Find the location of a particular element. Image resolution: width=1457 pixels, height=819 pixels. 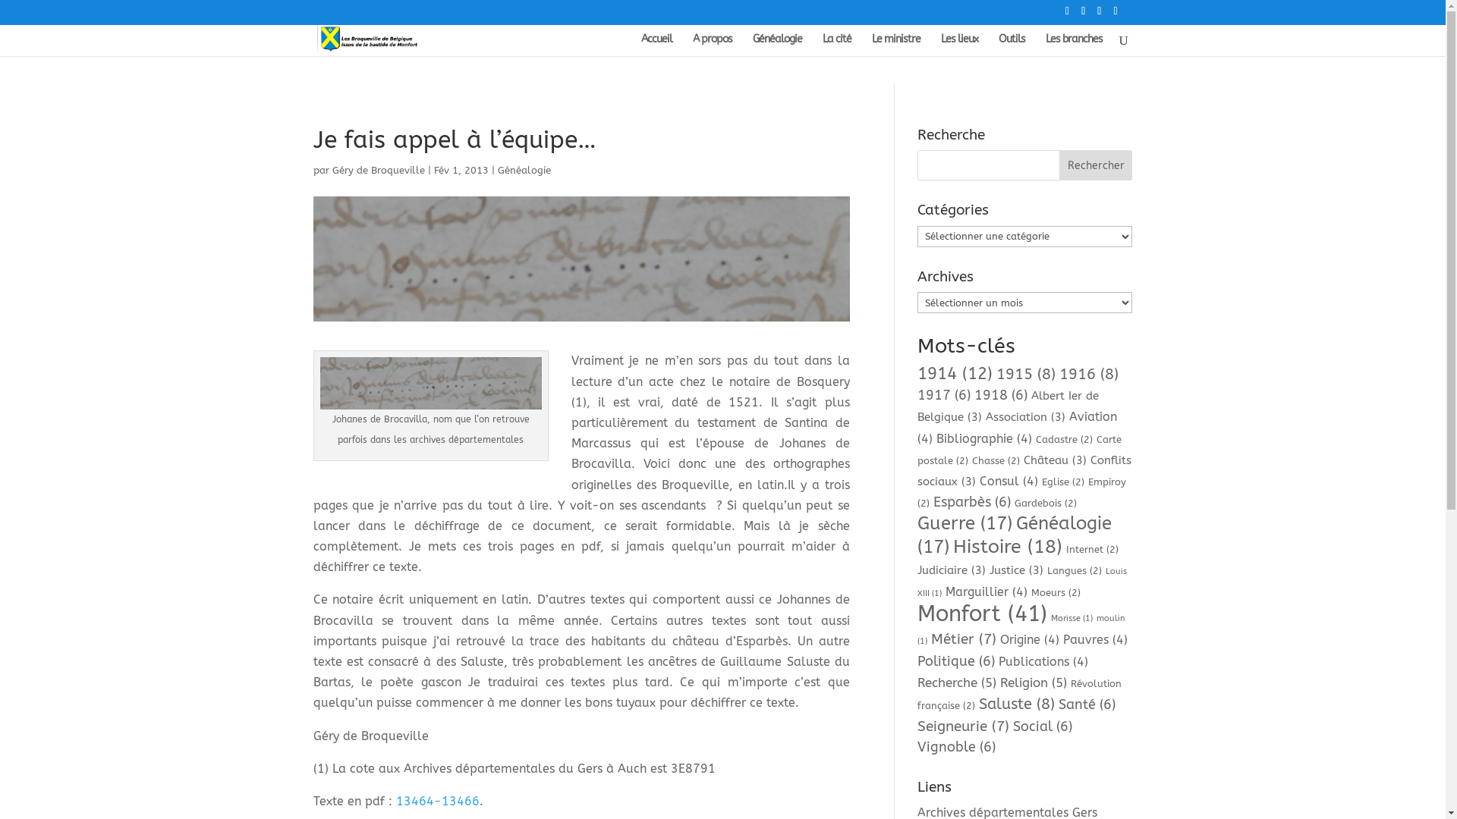

'Origine (4)' is located at coordinates (1030, 639).